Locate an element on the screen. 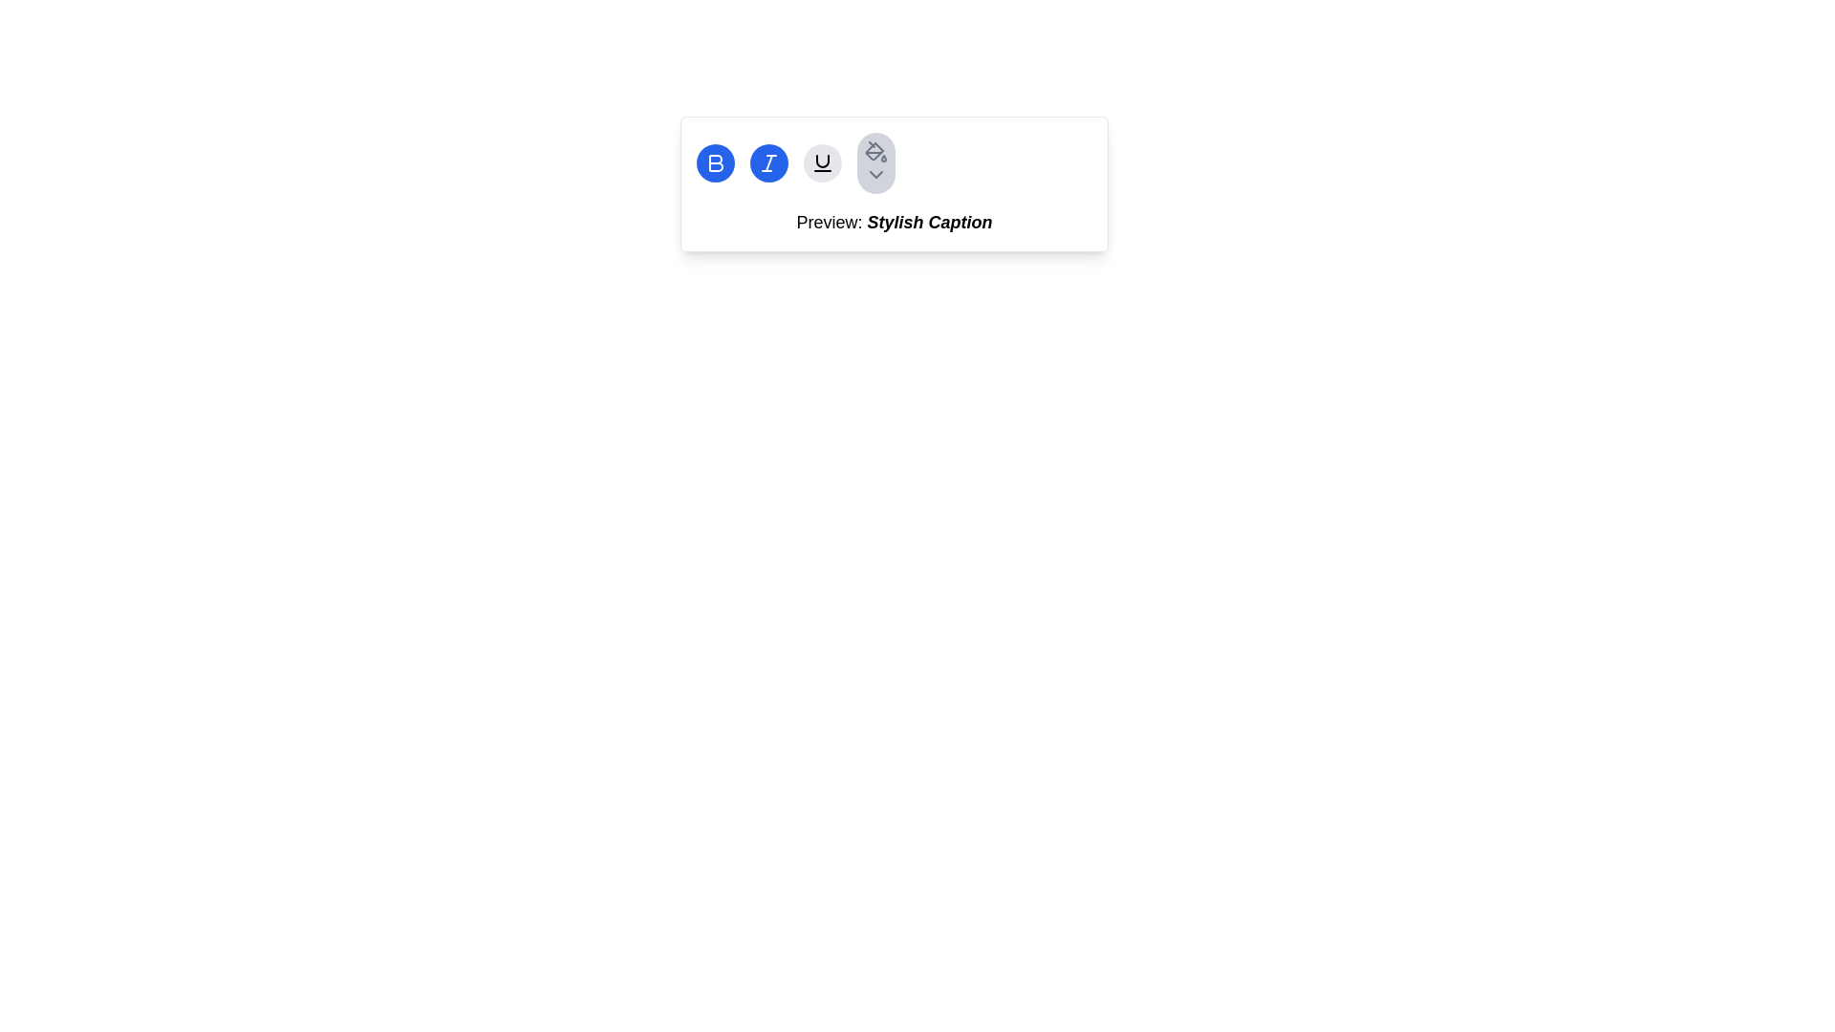  the underline formatting button, which is the third circular button in a row of four, located between the italic button and the wrench dropdown button is located at coordinates (822, 161).